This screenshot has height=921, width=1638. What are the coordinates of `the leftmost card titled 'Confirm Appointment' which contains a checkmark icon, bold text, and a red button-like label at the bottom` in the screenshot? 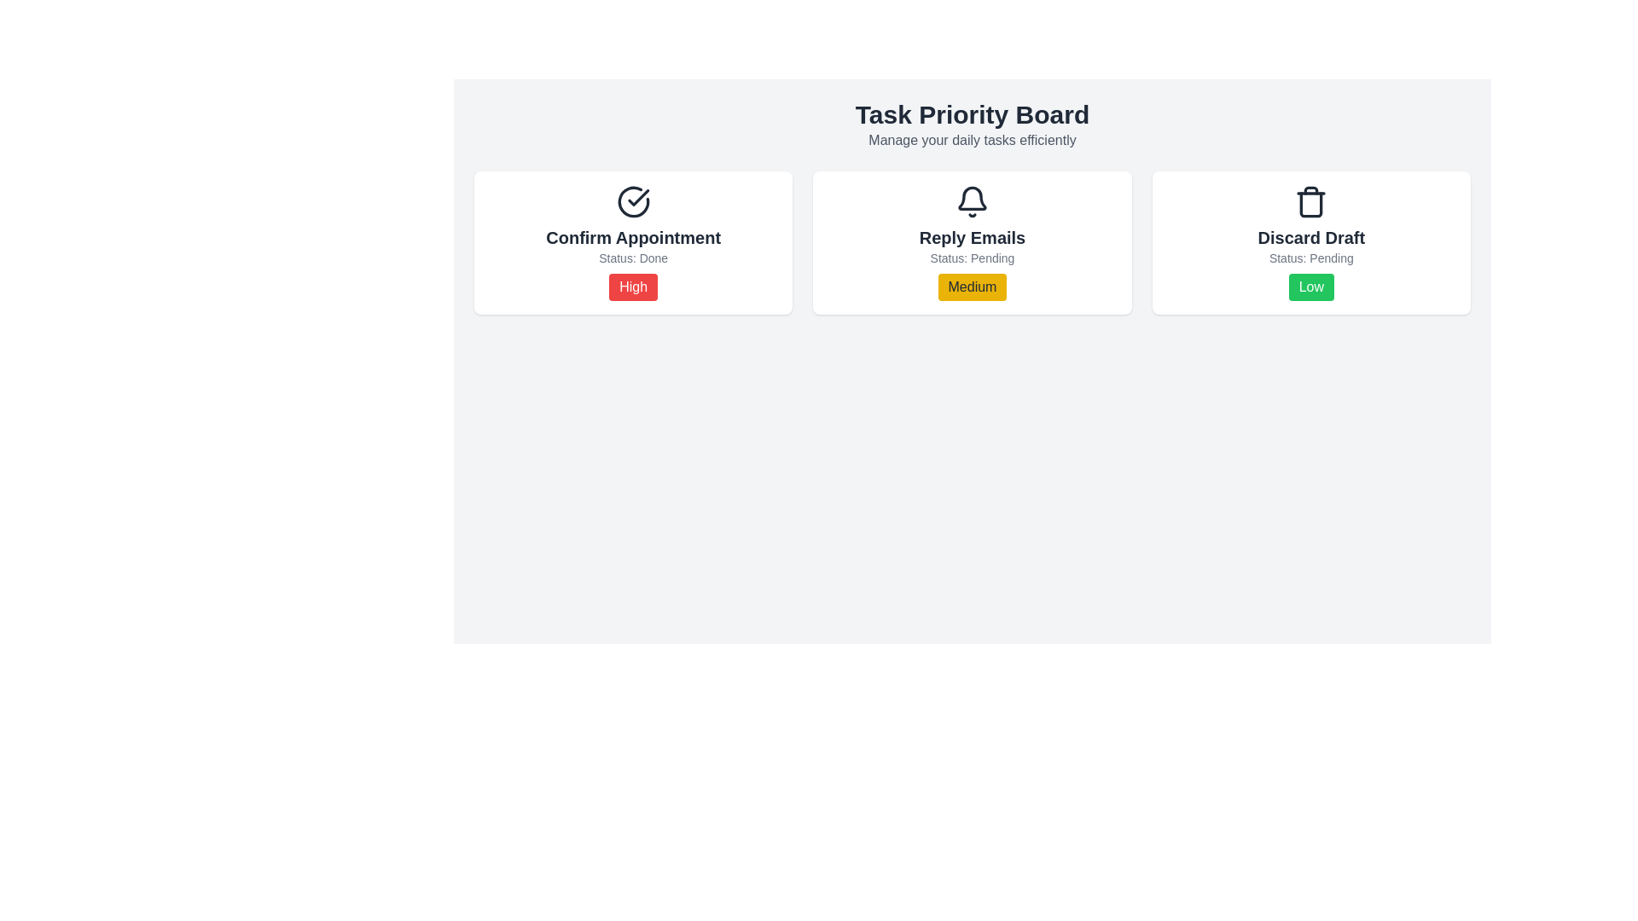 It's located at (632, 243).